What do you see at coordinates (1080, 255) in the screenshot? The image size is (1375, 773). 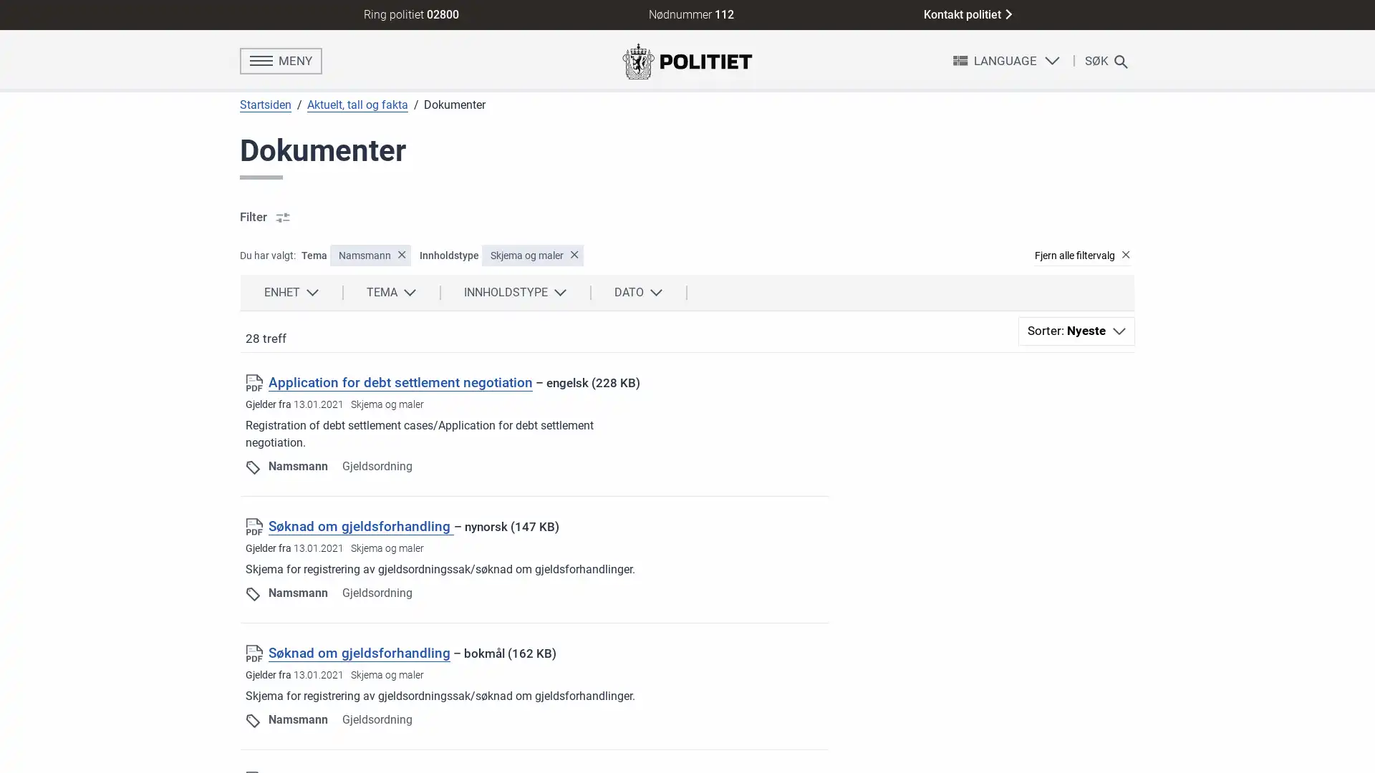 I see `Fjern alle filtervalg` at bounding box center [1080, 255].